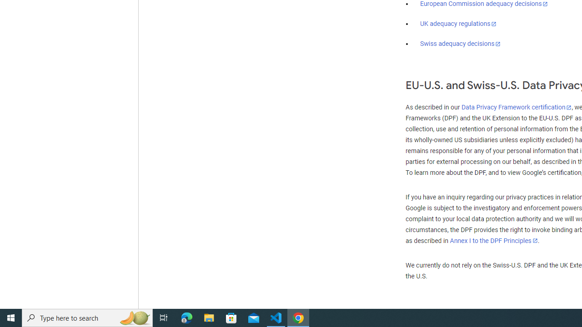 This screenshot has height=327, width=582. I want to click on 'European Commission adequacy decisions', so click(483, 4).